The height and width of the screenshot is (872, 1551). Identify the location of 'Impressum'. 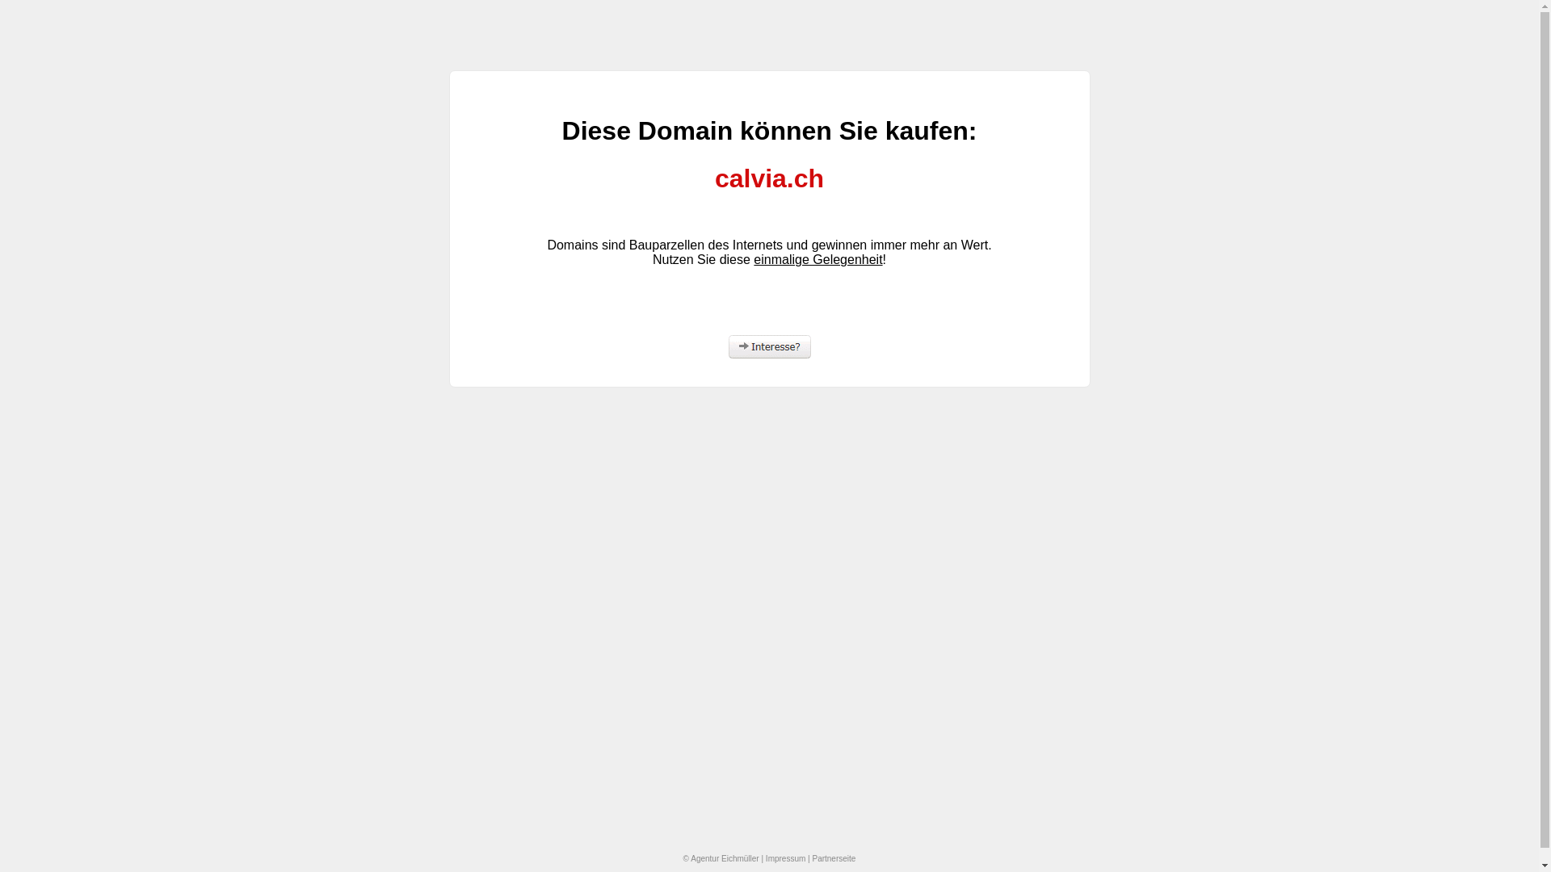
(785, 857).